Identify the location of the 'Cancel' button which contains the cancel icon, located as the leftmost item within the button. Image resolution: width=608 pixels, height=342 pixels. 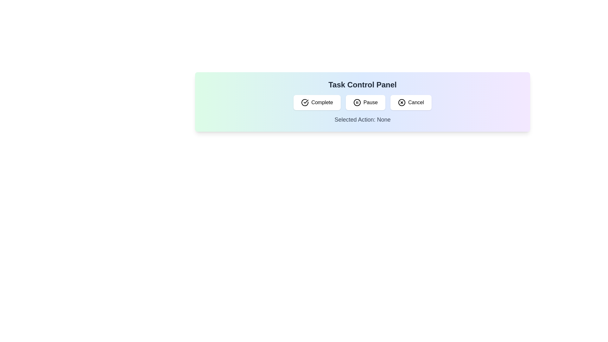
(401, 102).